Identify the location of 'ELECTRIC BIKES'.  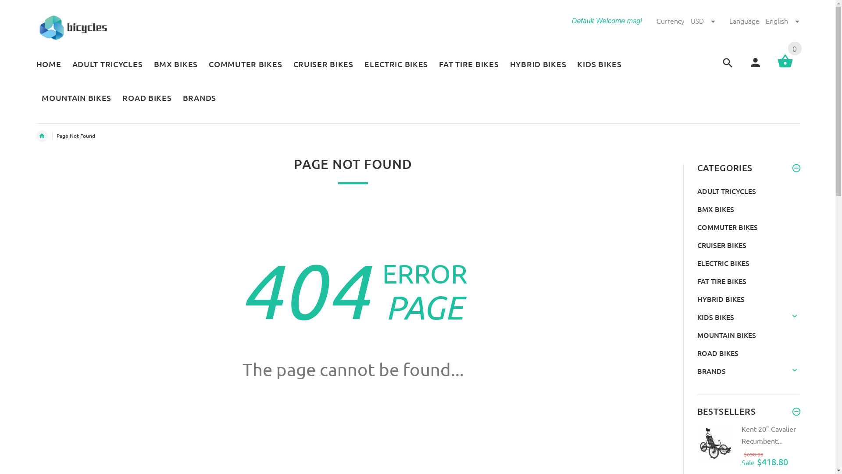
(723, 262).